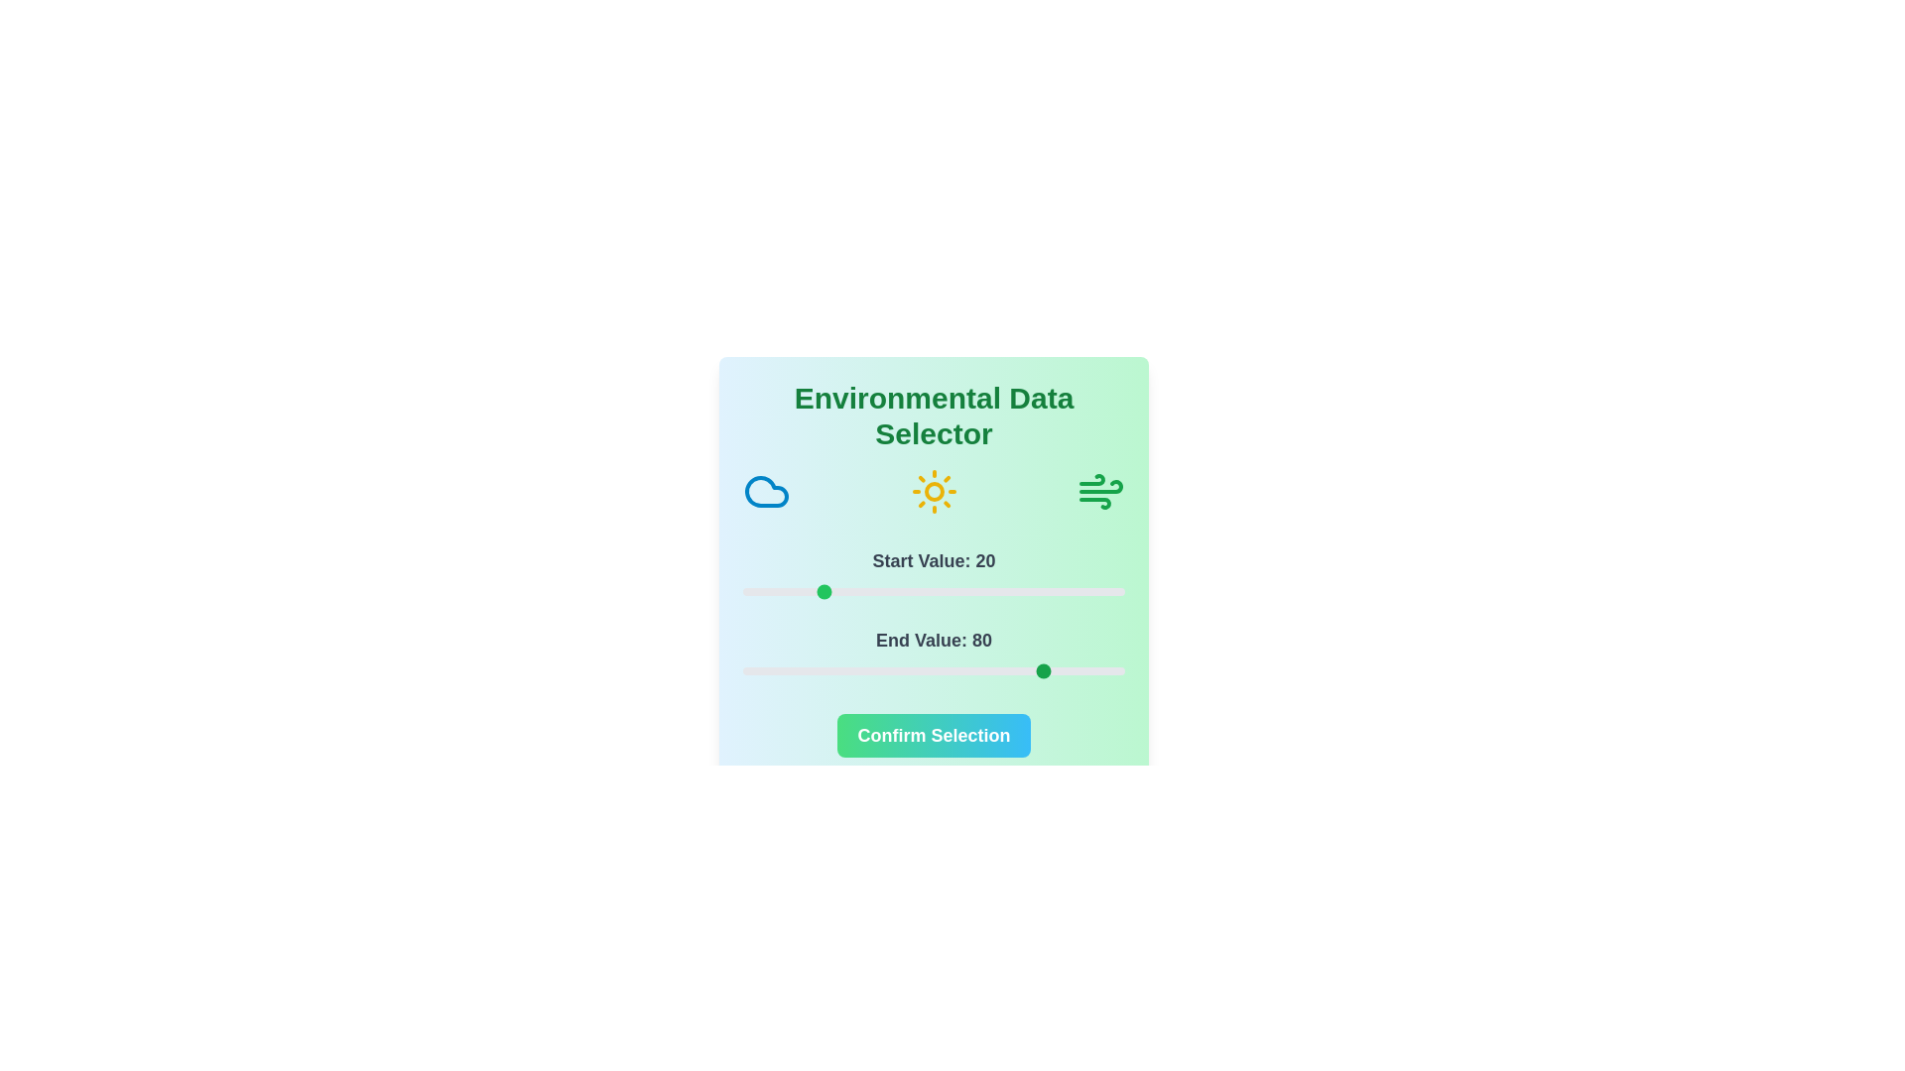 The width and height of the screenshot is (1905, 1071). Describe the element at coordinates (1055, 670) in the screenshot. I see `the slider` at that location.